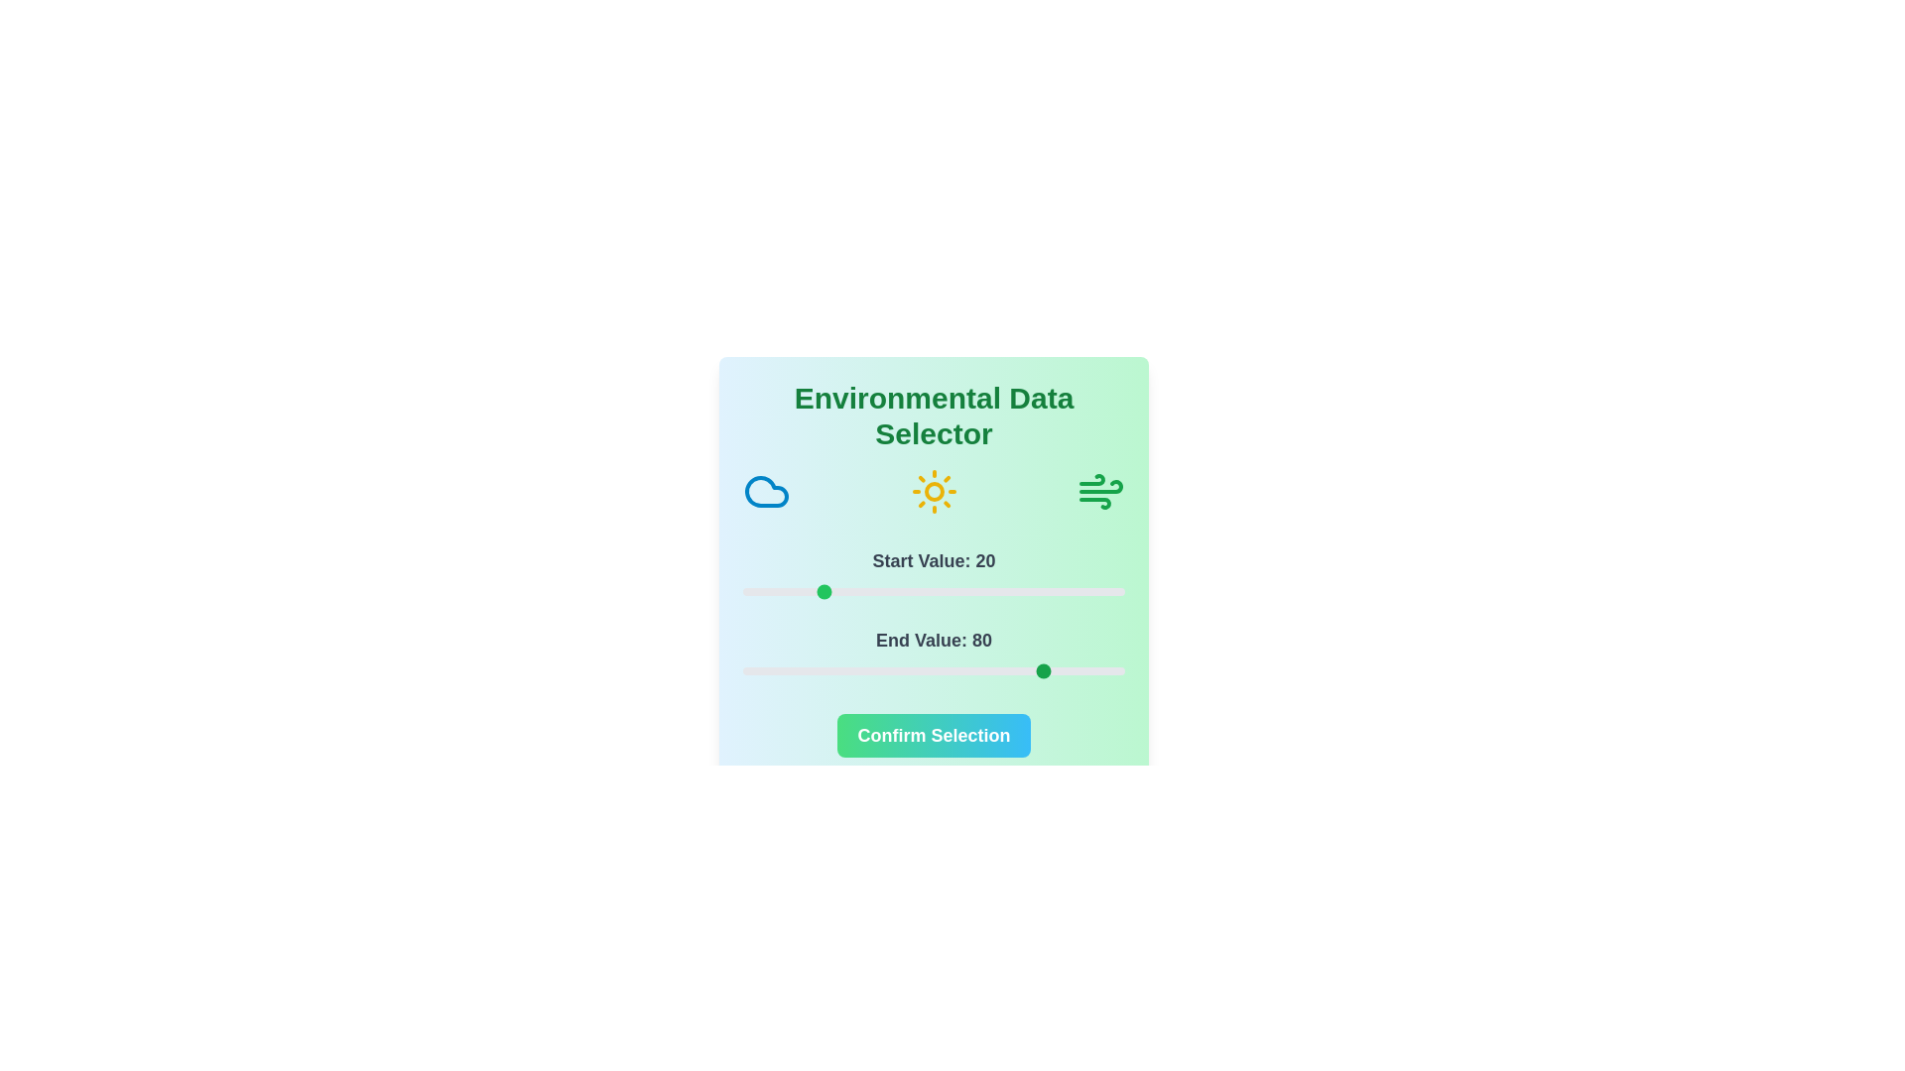 The width and height of the screenshot is (1905, 1071). Describe the element at coordinates (1055, 670) in the screenshot. I see `the slider` at that location.